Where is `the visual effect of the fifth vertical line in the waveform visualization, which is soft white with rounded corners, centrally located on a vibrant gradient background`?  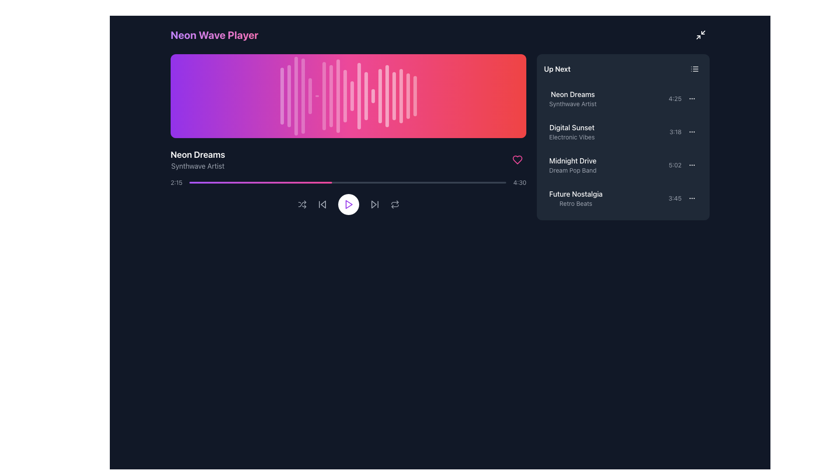 the visual effect of the fifth vertical line in the waveform visualization, which is soft white with rounded corners, centrally located on a vibrant gradient background is located at coordinates (310, 96).